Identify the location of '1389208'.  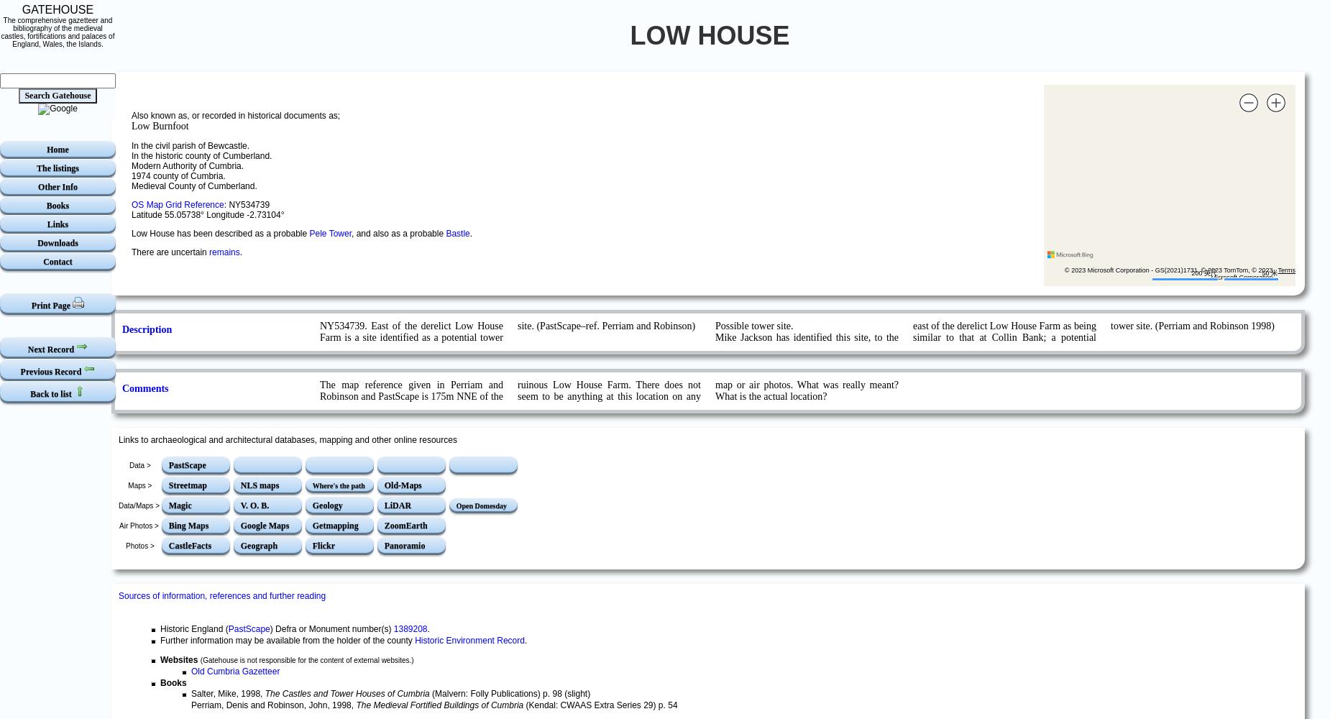
(410, 629).